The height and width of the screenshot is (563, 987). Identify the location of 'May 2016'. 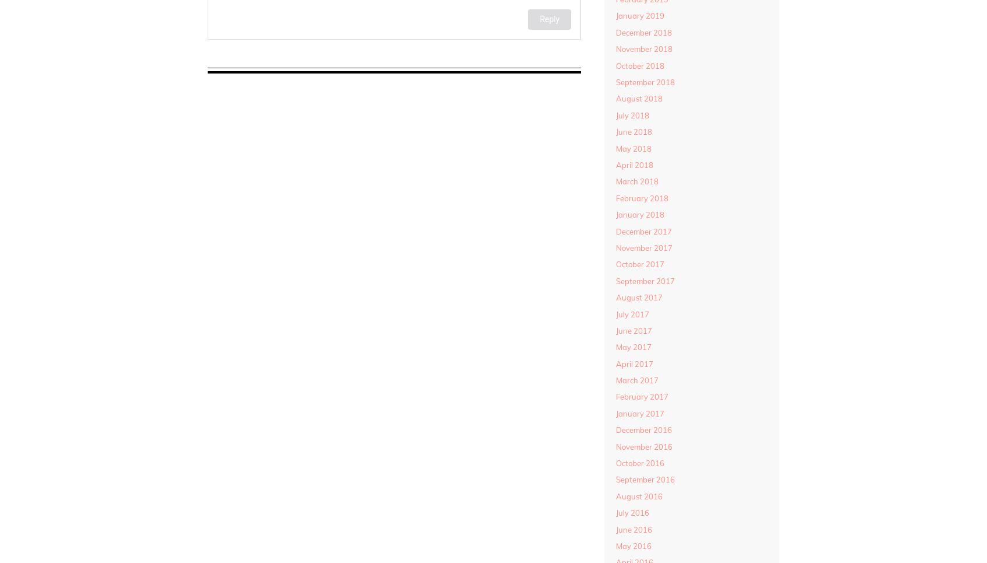
(633, 545).